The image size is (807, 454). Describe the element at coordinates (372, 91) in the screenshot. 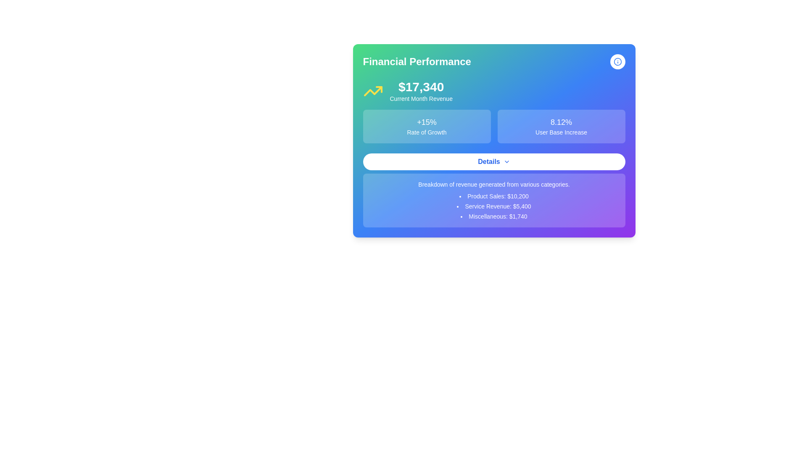

I see `the decorative icon symbolizing financial growth, located adjacent to the '$17,340 Current Month Revenue' text` at that location.